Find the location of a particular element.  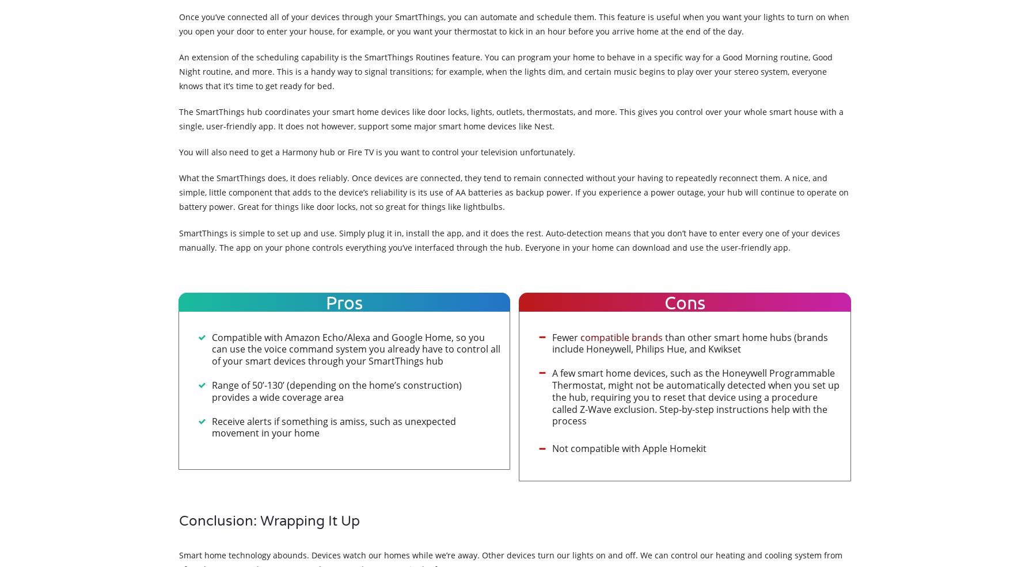

'Range of 50’-130’ (depending on the home’s construction) provides a wide coverage area' is located at coordinates (335, 390).